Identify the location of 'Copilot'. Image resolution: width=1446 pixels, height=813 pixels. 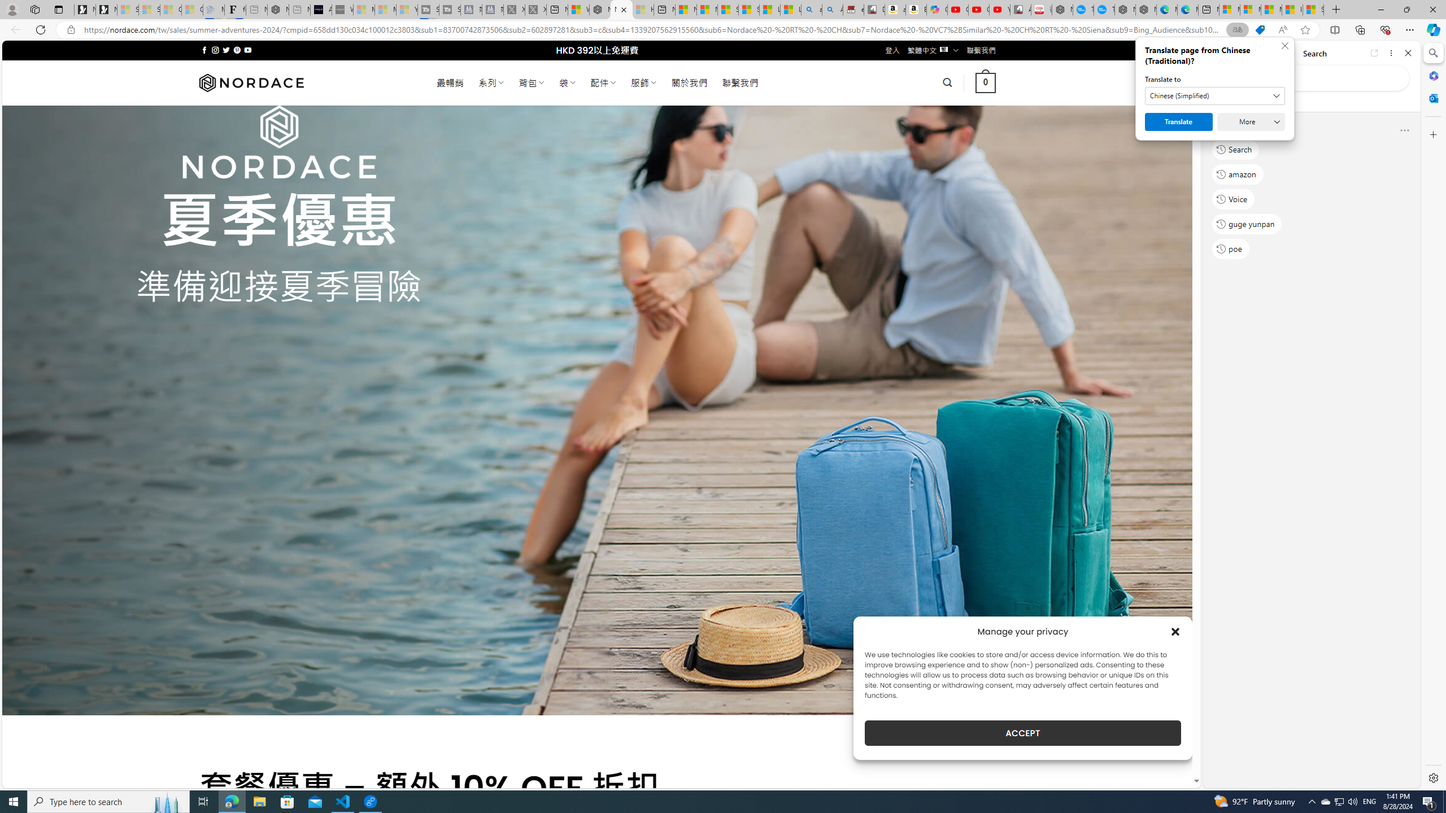
(937, 9).